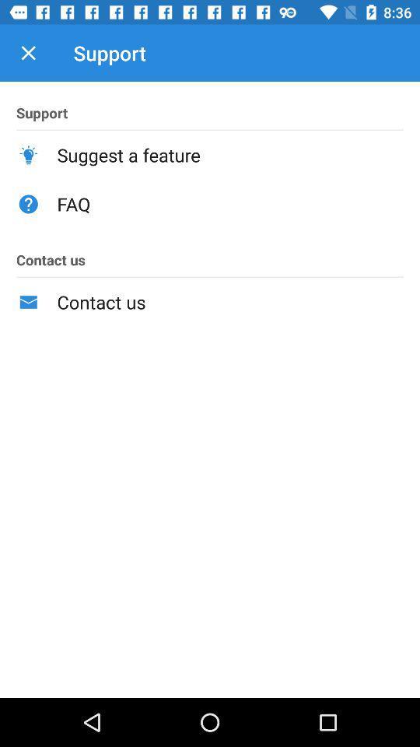 Image resolution: width=420 pixels, height=747 pixels. Describe the element at coordinates (229, 203) in the screenshot. I see `icon below suggest a feature icon` at that location.